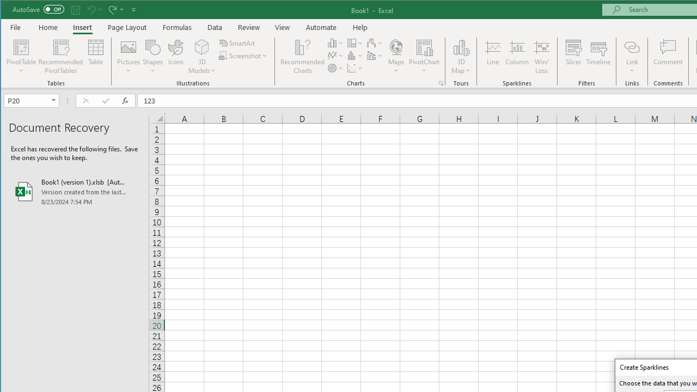  I want to click on 'Slicer...', so click(572, 57).